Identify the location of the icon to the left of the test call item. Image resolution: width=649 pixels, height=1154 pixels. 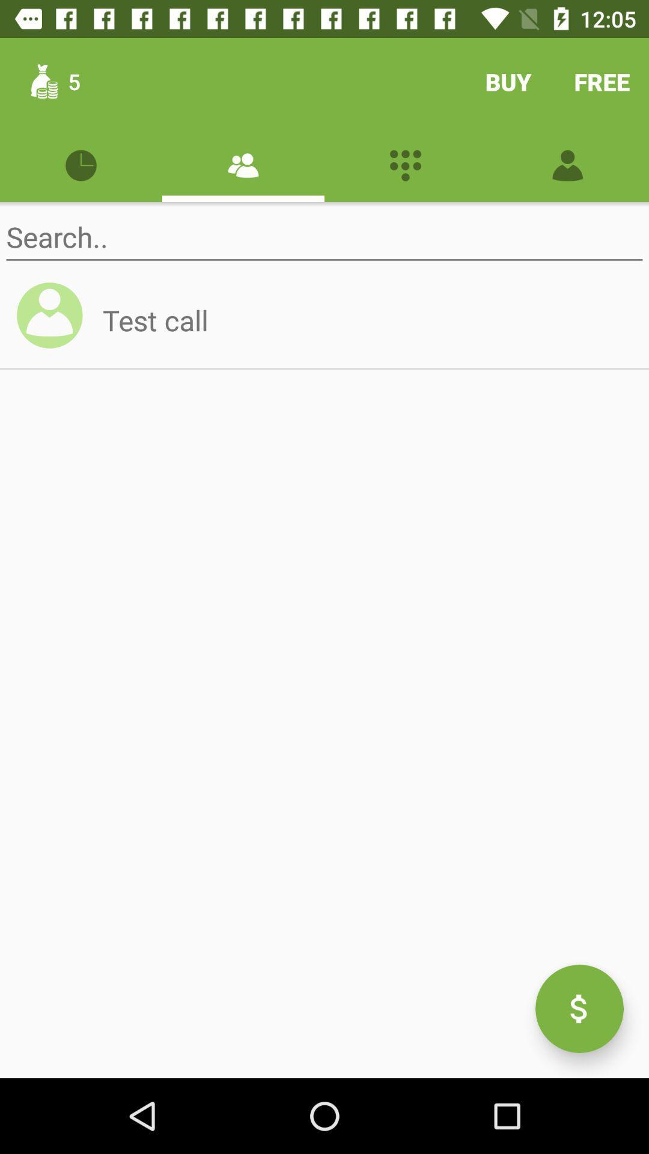
(55, 320).